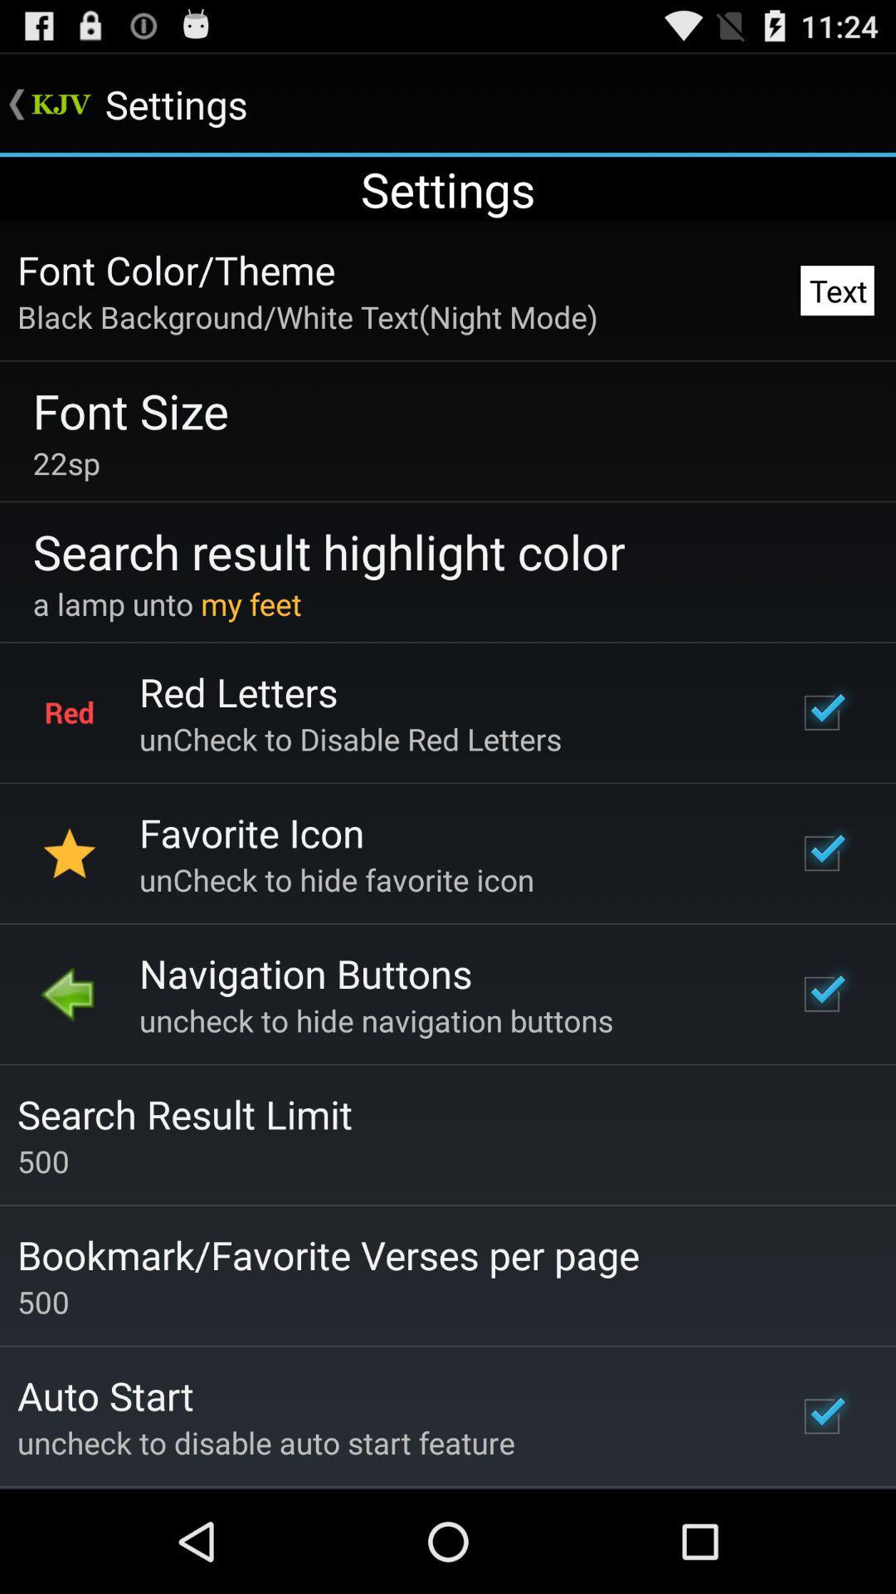  Describe the element at coordinates (66, 462) in the screenshot. I see `icon above search result highlight app` at that location.